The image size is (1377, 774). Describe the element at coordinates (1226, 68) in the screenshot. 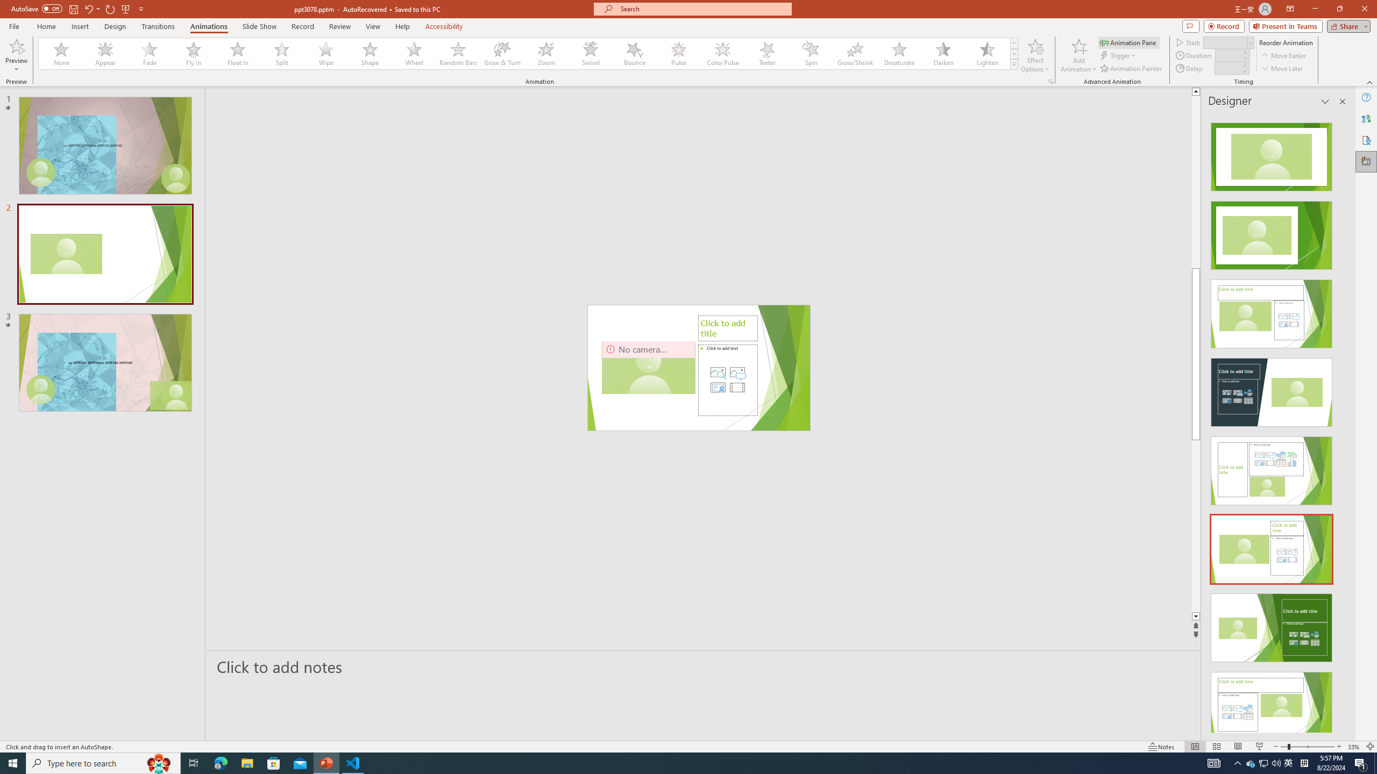

I see `'Animation Delay'` at that location.